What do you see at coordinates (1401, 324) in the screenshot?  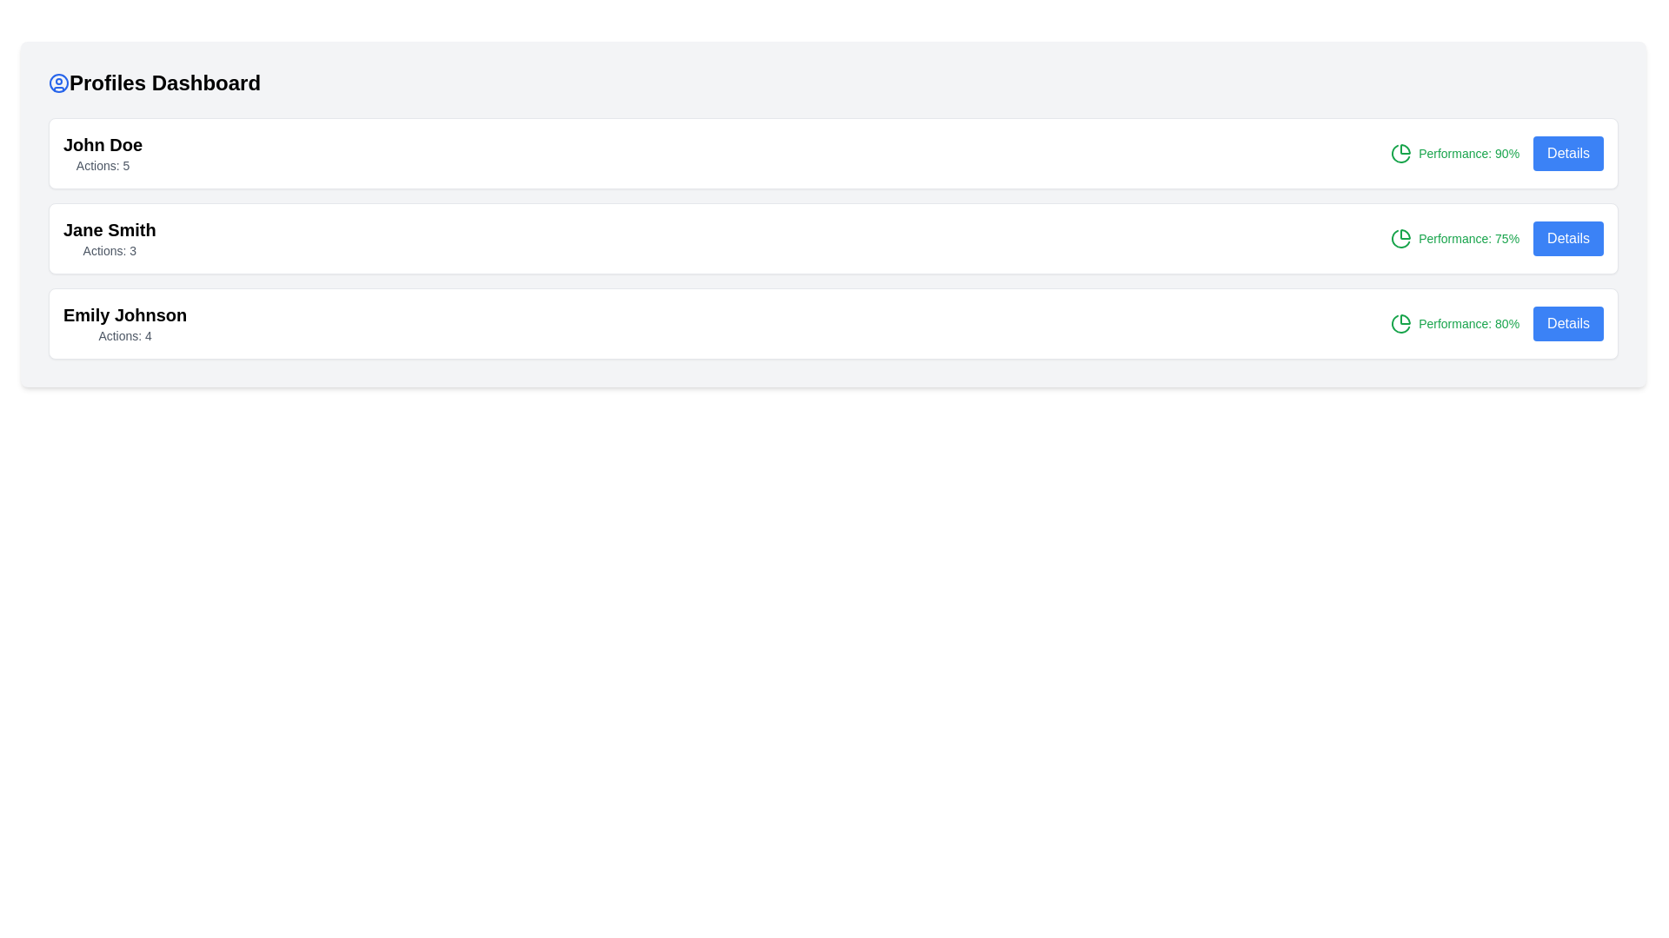 I see `the green pie chart icon representing performance, located in the third row alongside the text 'Performance: 80%'` at bounding box center [1401, 324].